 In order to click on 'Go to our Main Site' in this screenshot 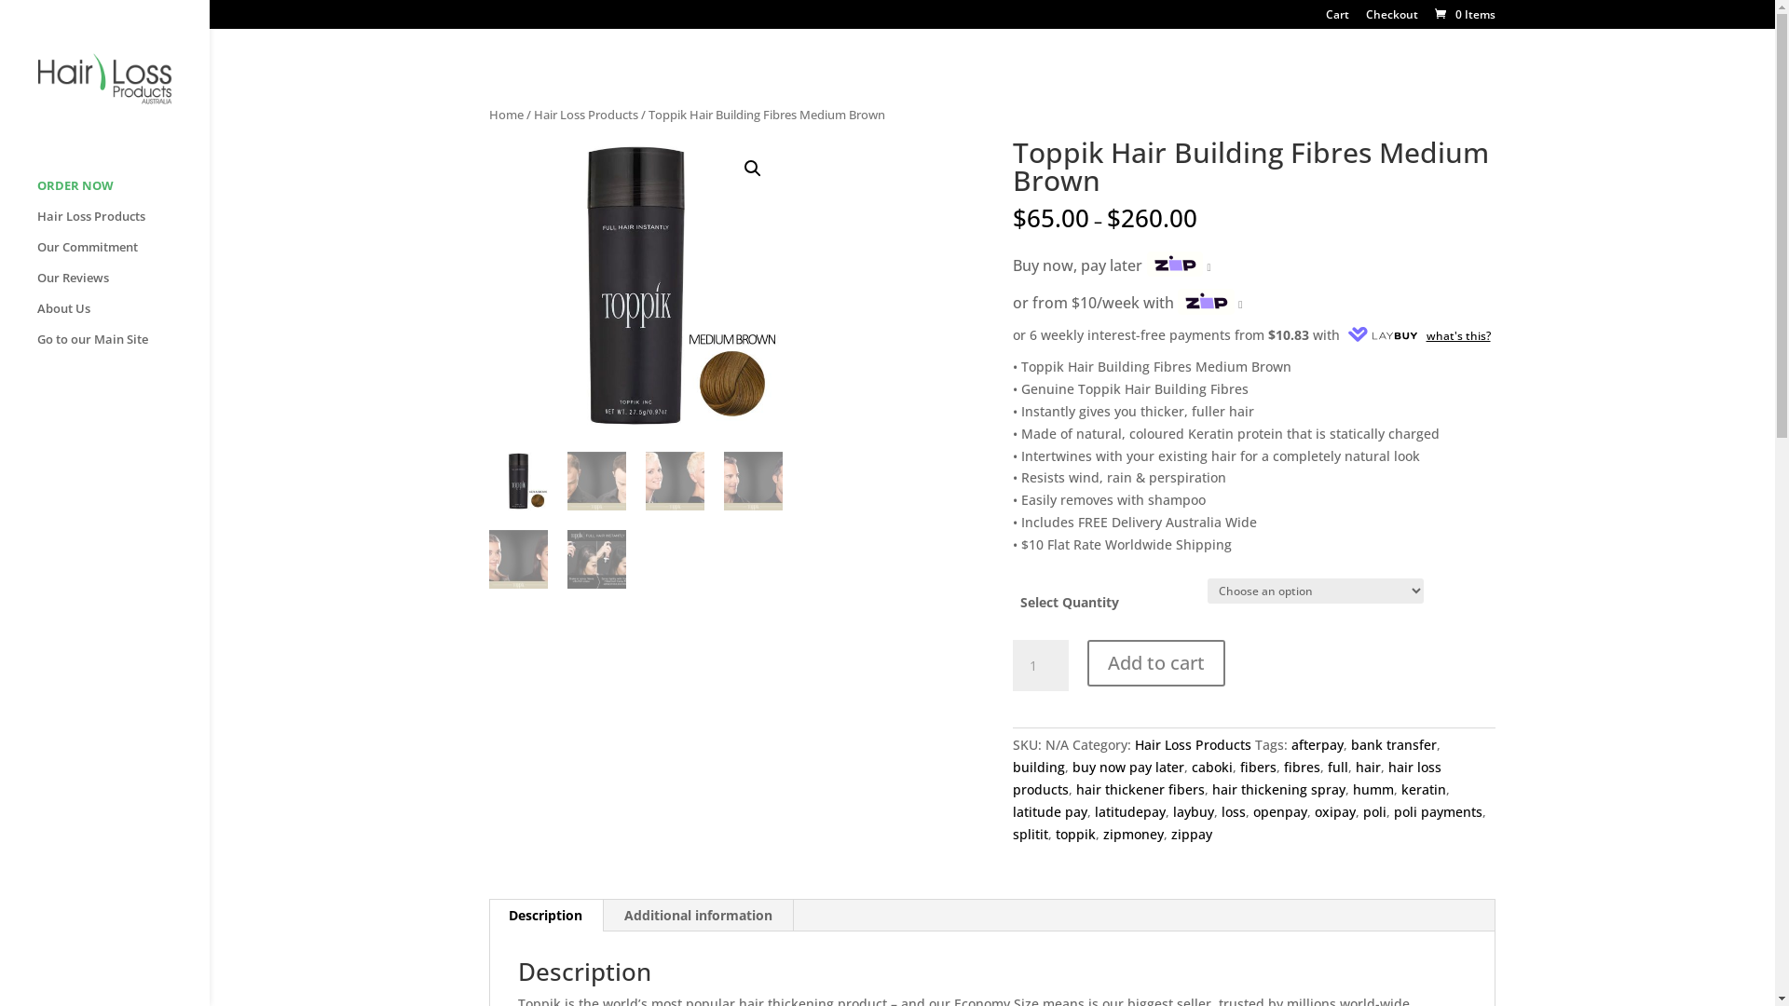, I will do `click(122, 347)`.